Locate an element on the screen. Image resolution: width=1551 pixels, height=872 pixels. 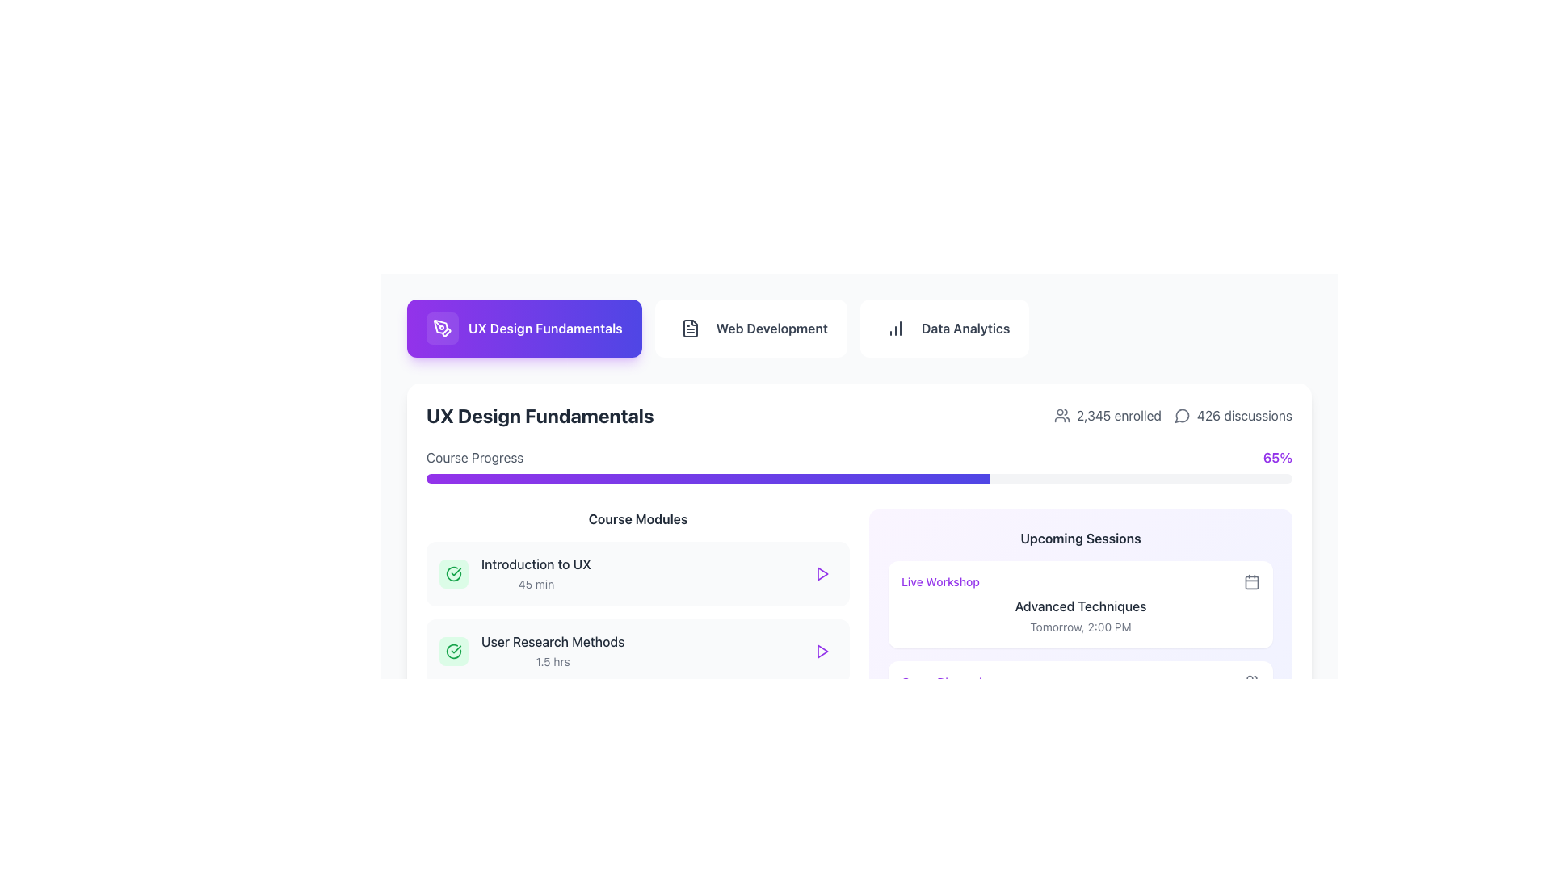
the second button in the horizontal row is located at coordinates (750, 328).